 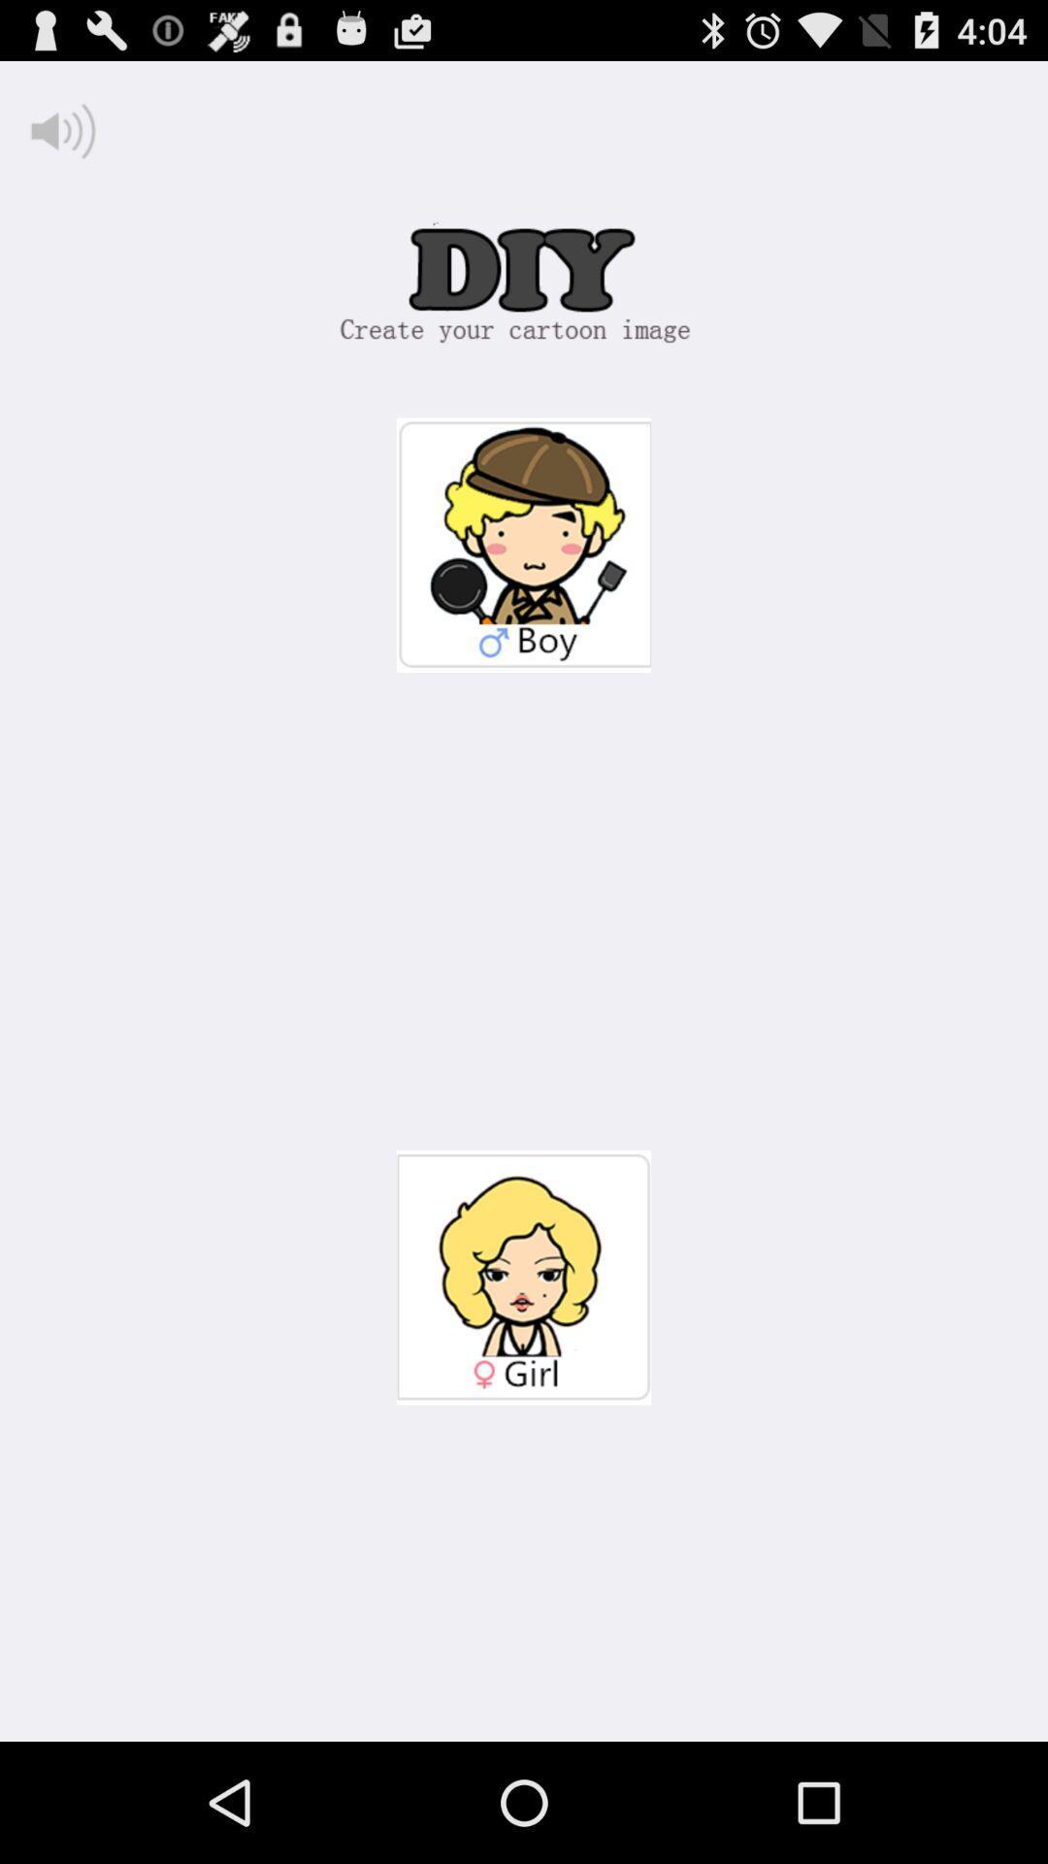 I want to click on boy, so click(x=524, y=544).